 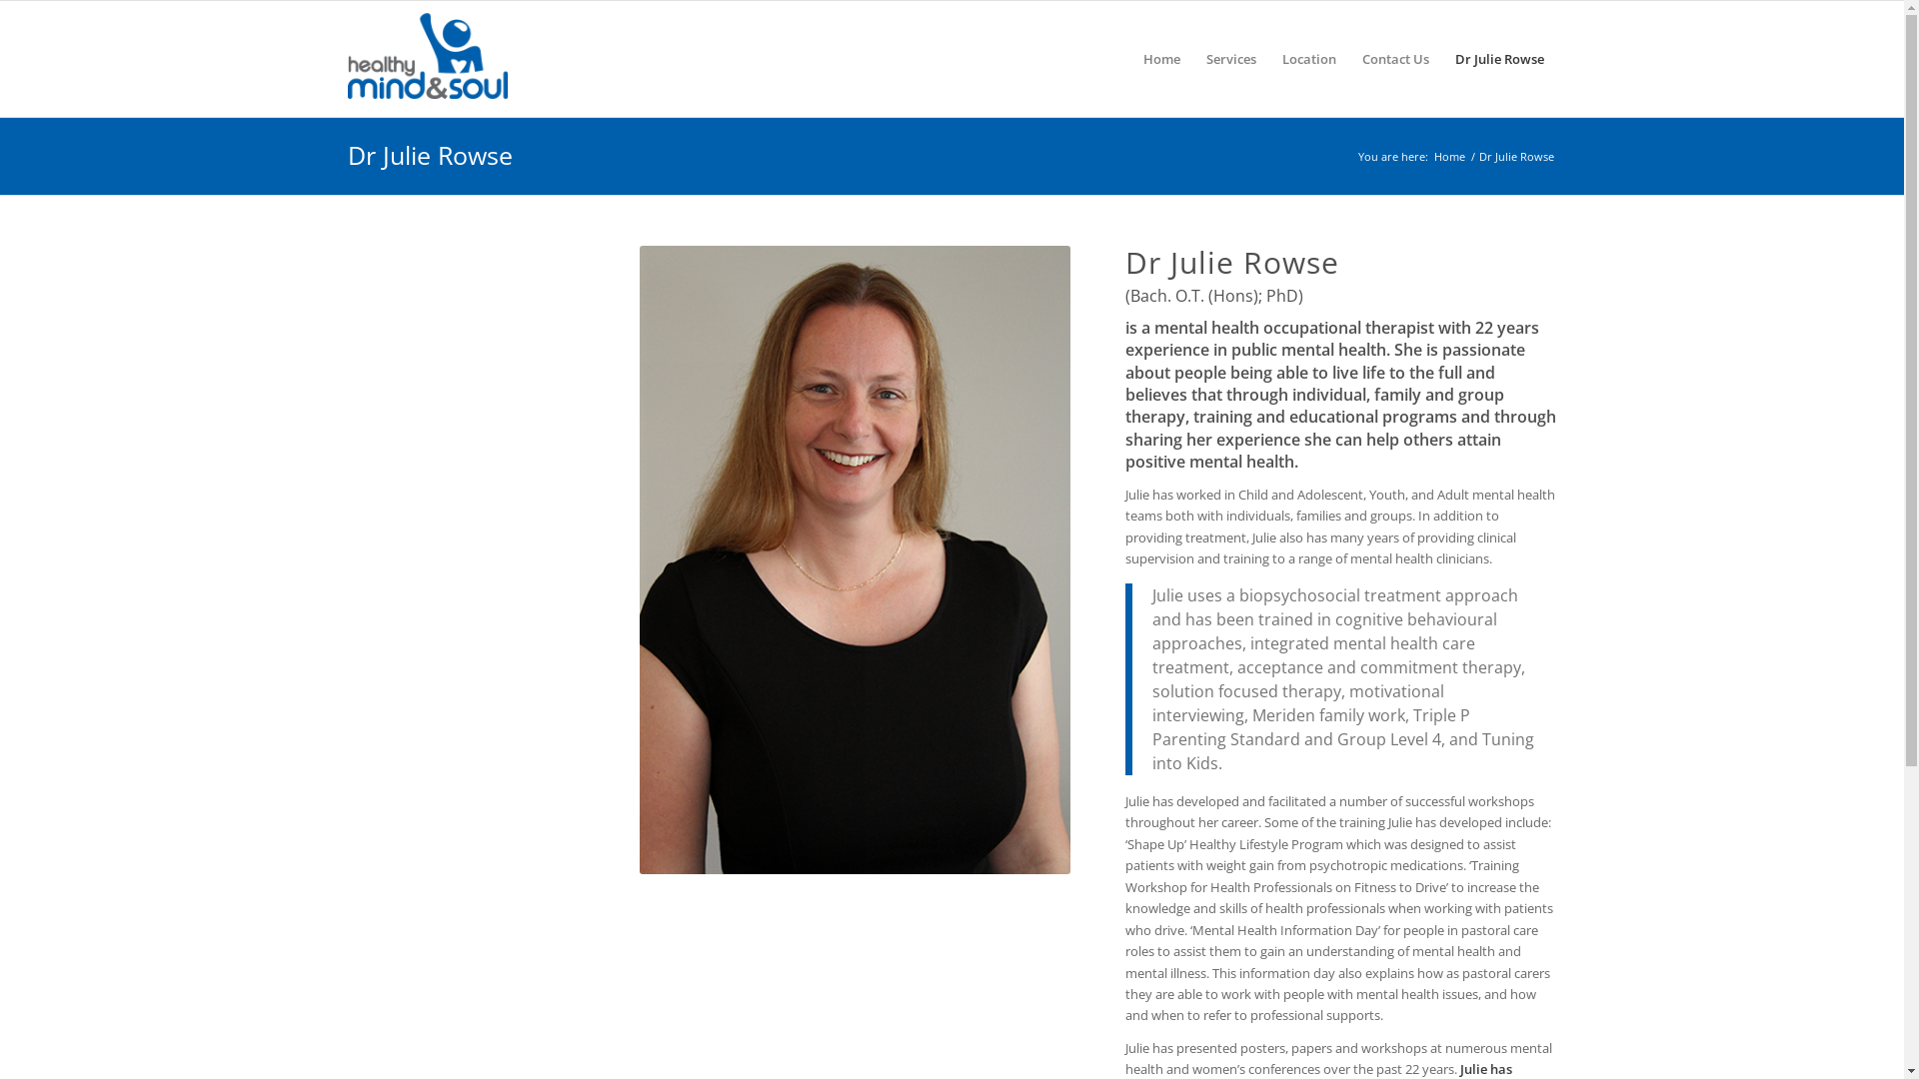 I want to click on 'Home', so click(x=1449, y=155).